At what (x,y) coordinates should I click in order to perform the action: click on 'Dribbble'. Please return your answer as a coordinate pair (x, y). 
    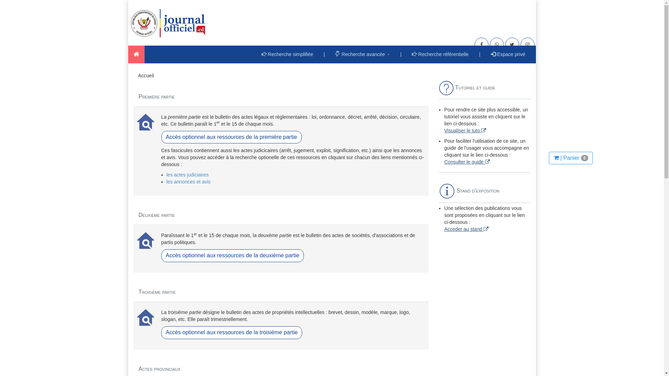
    Looking at the image, I should click on (496, 44).